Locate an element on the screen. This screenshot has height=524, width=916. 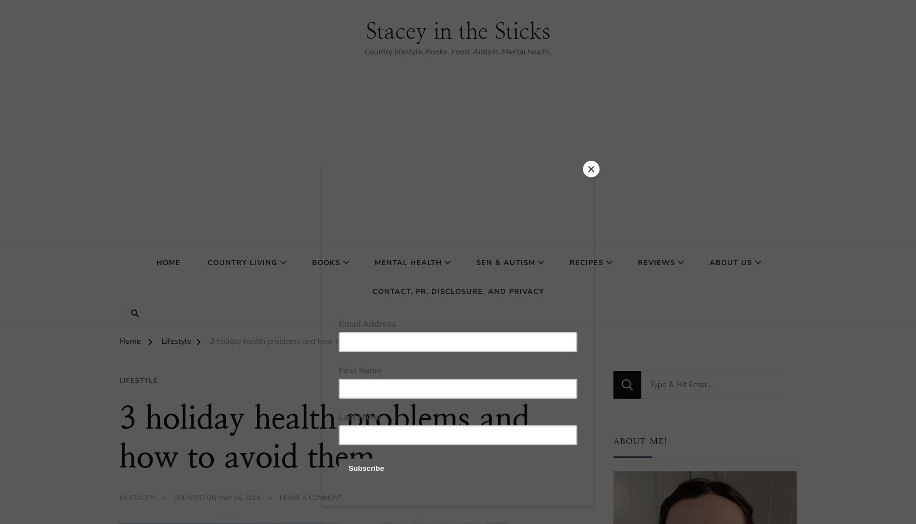
'Books' is located at coordinates (311, 262).